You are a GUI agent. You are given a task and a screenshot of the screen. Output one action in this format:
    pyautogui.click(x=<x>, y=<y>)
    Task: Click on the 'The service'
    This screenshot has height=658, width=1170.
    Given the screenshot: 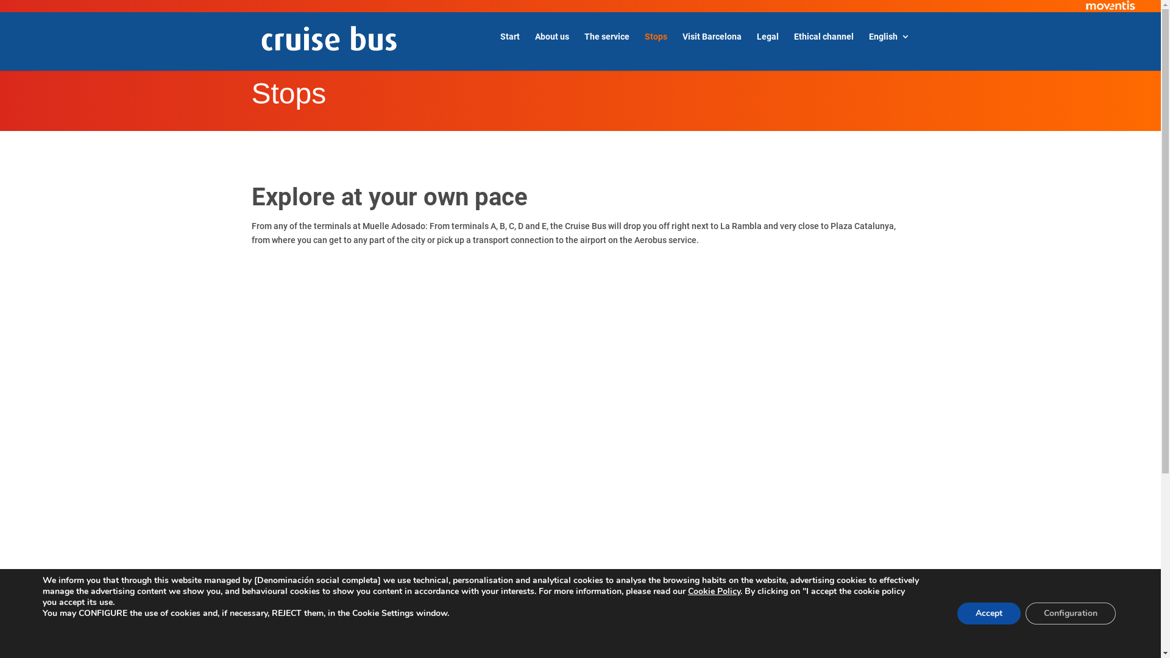 What is the action you would take?
    pyautogui.click(x=583, y=46)
    